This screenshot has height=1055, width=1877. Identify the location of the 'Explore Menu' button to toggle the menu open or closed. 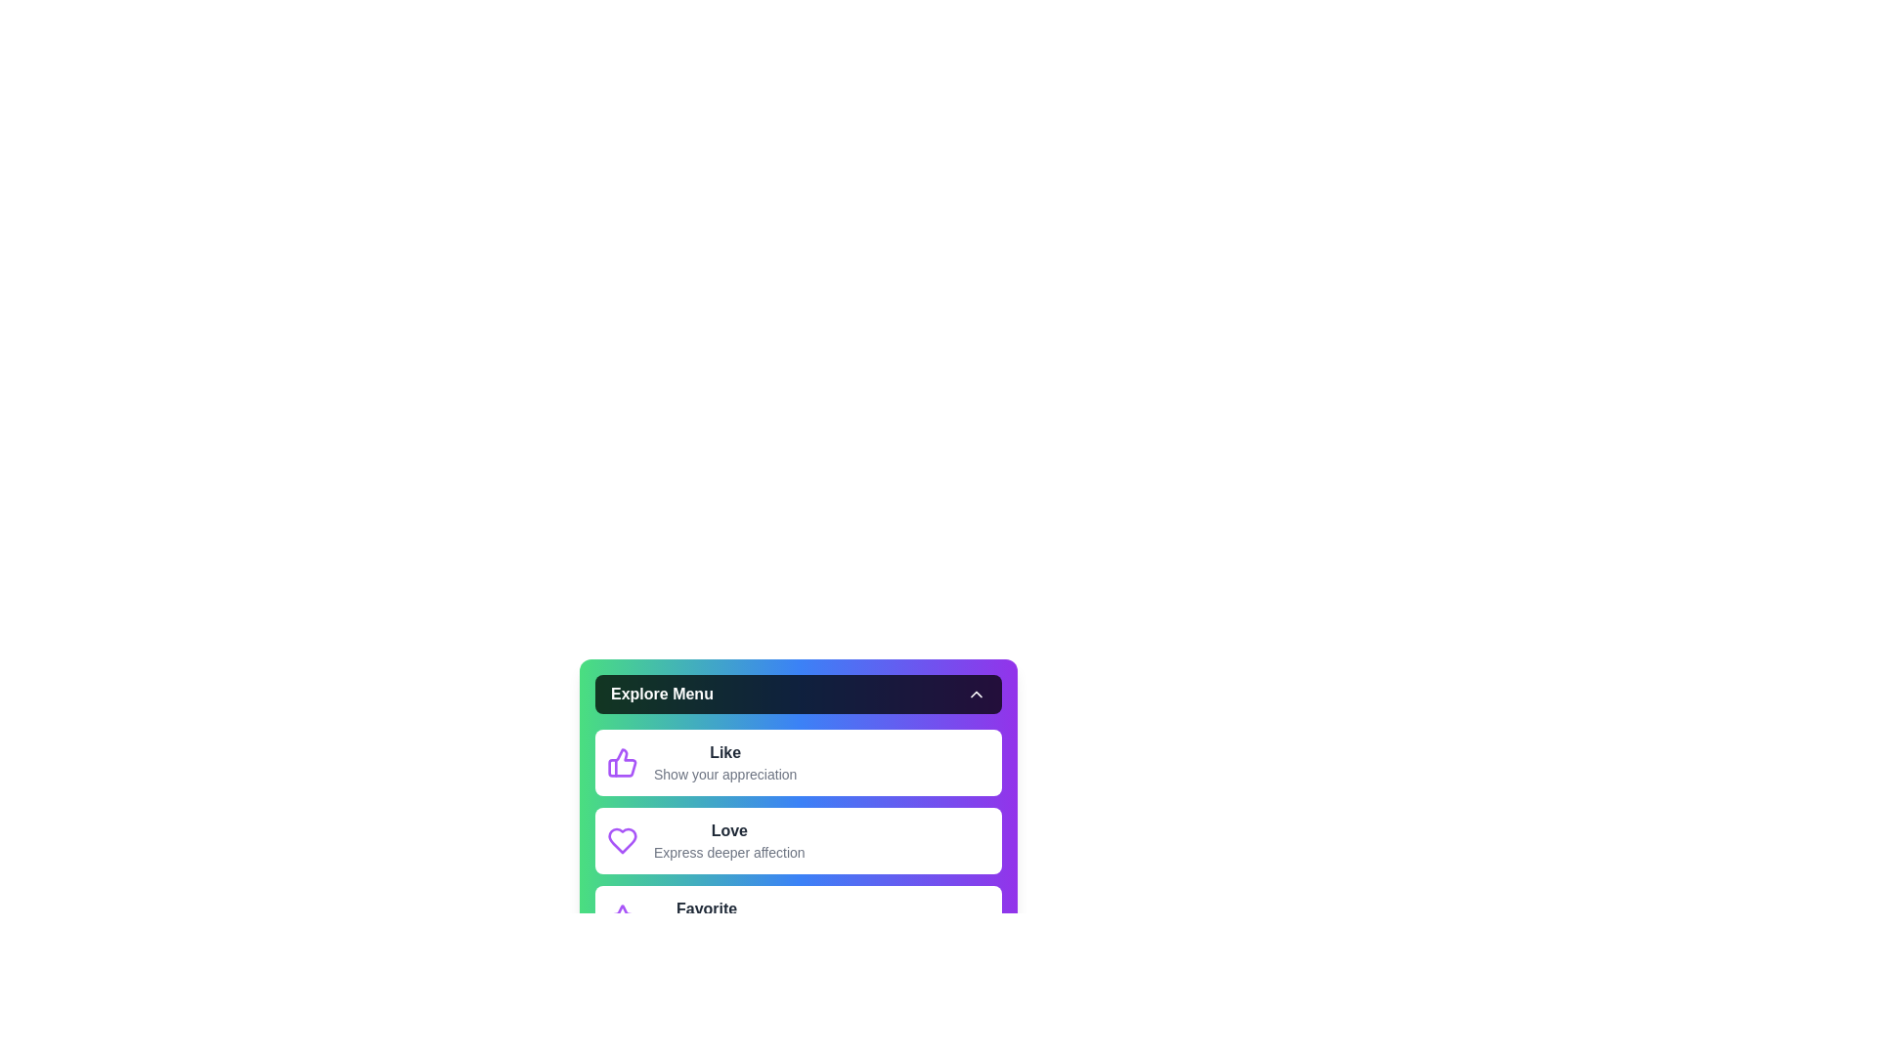
(798, 693).